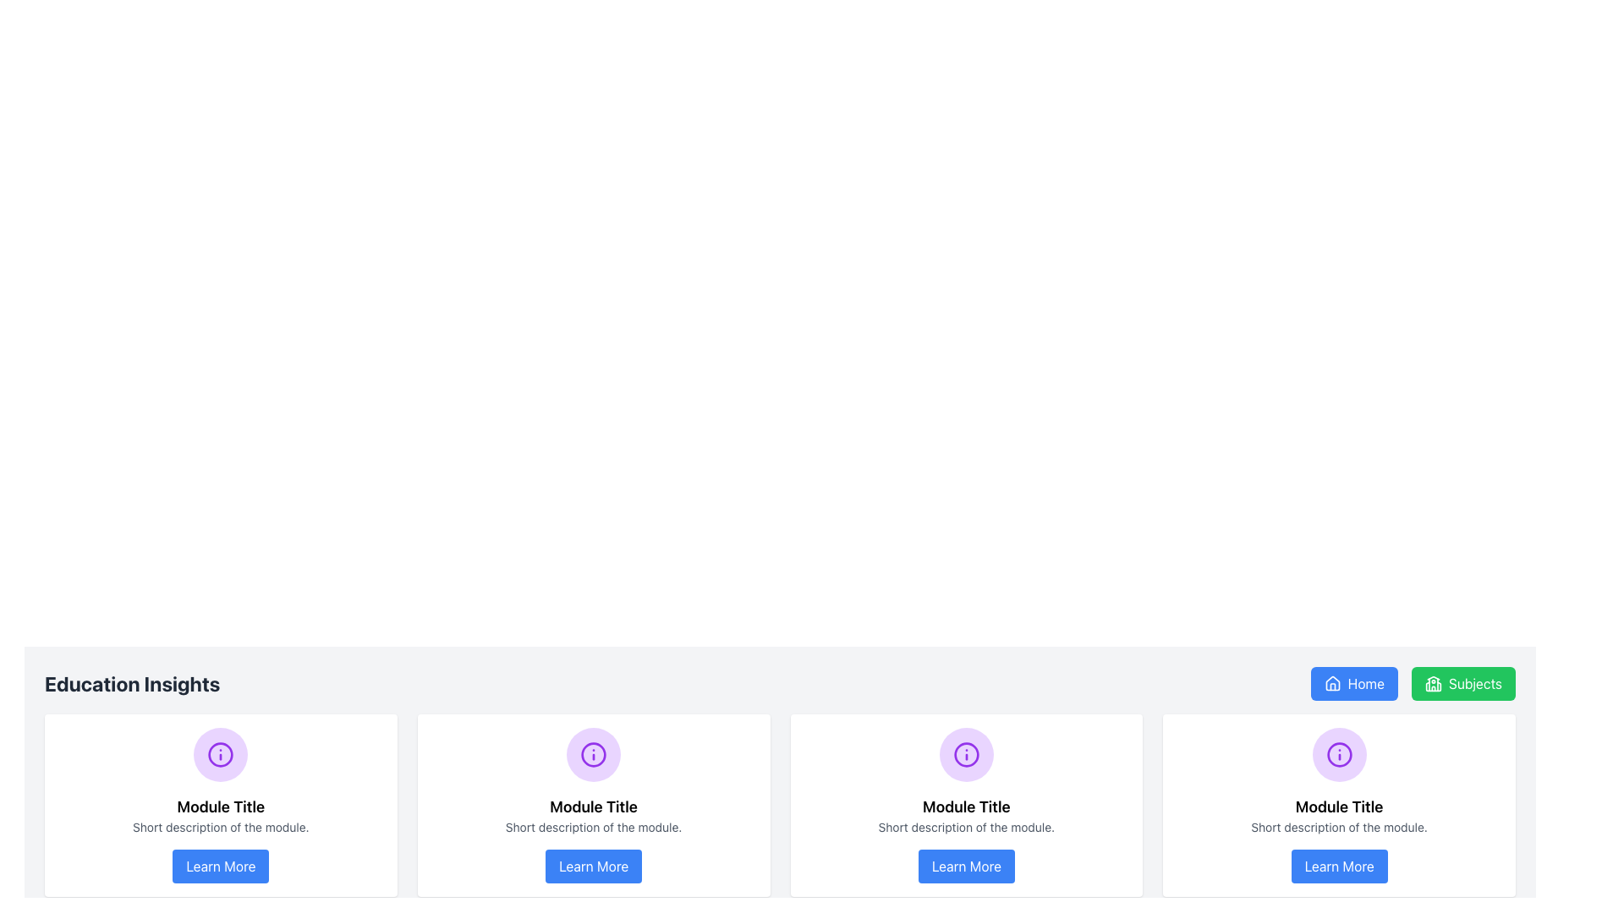 This screenshot has width=1624, height=913. I want to click on the 'Learn More' button, which has a blue background and white text, positioned at the bottom center of its card layout, so click(220, 867).